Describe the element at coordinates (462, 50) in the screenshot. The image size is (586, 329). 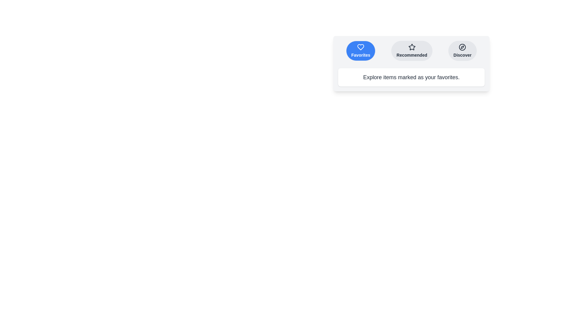
I see `the tab labeled Discover to observe its styling change` at that location.